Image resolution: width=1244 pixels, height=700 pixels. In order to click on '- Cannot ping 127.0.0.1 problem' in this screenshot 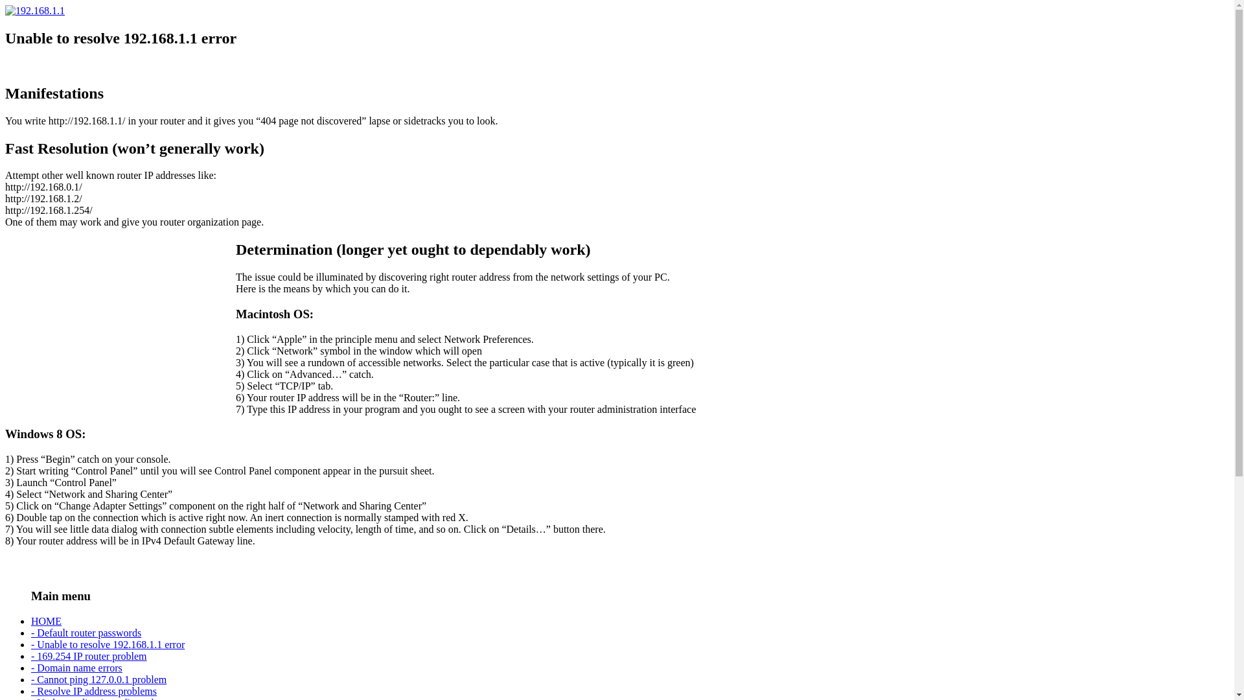, I will do `click(98, 679)`.